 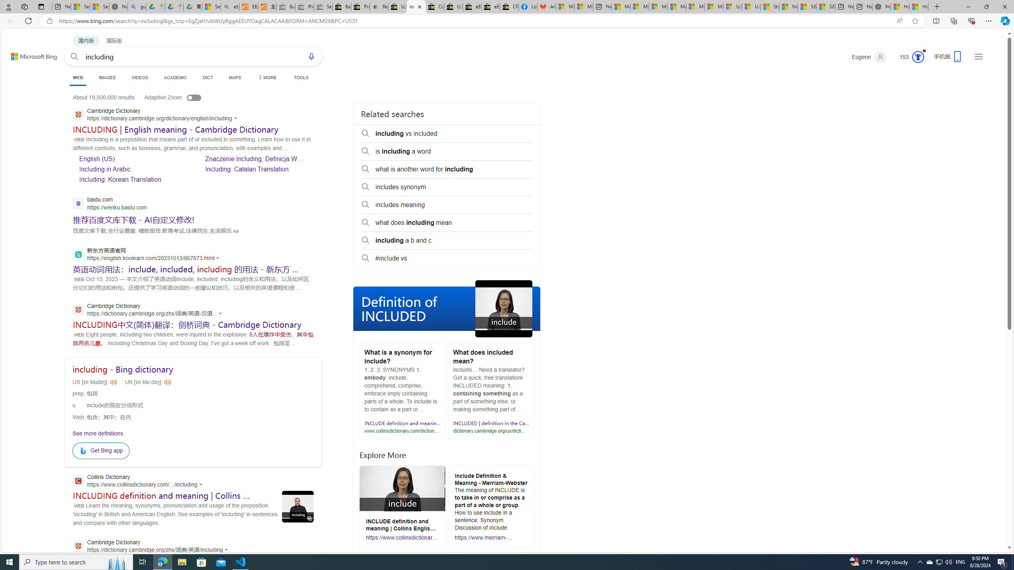 I want to click on 'ACADEMIC', so click(x=176, y=77).